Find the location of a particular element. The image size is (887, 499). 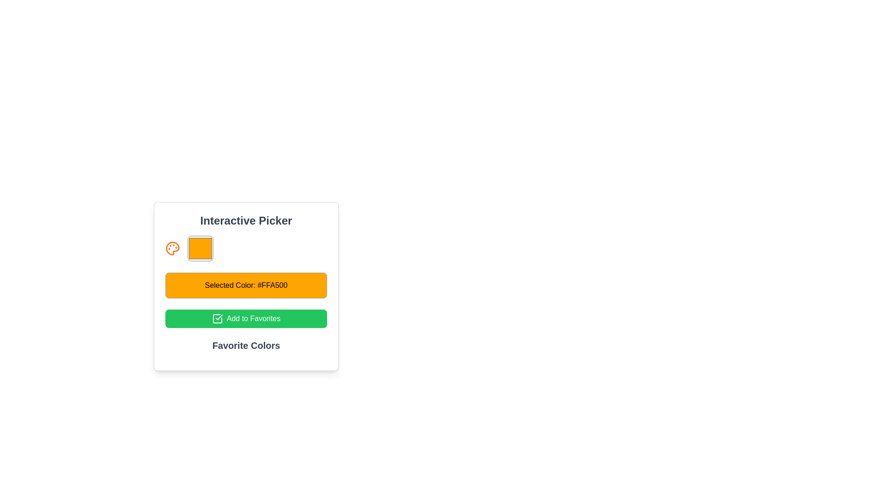

the color palette icon with an orange outline located in the top-left region of the Interactive Picker interface, adjacent to the orange color preview box is located at coordinates (173, 248).